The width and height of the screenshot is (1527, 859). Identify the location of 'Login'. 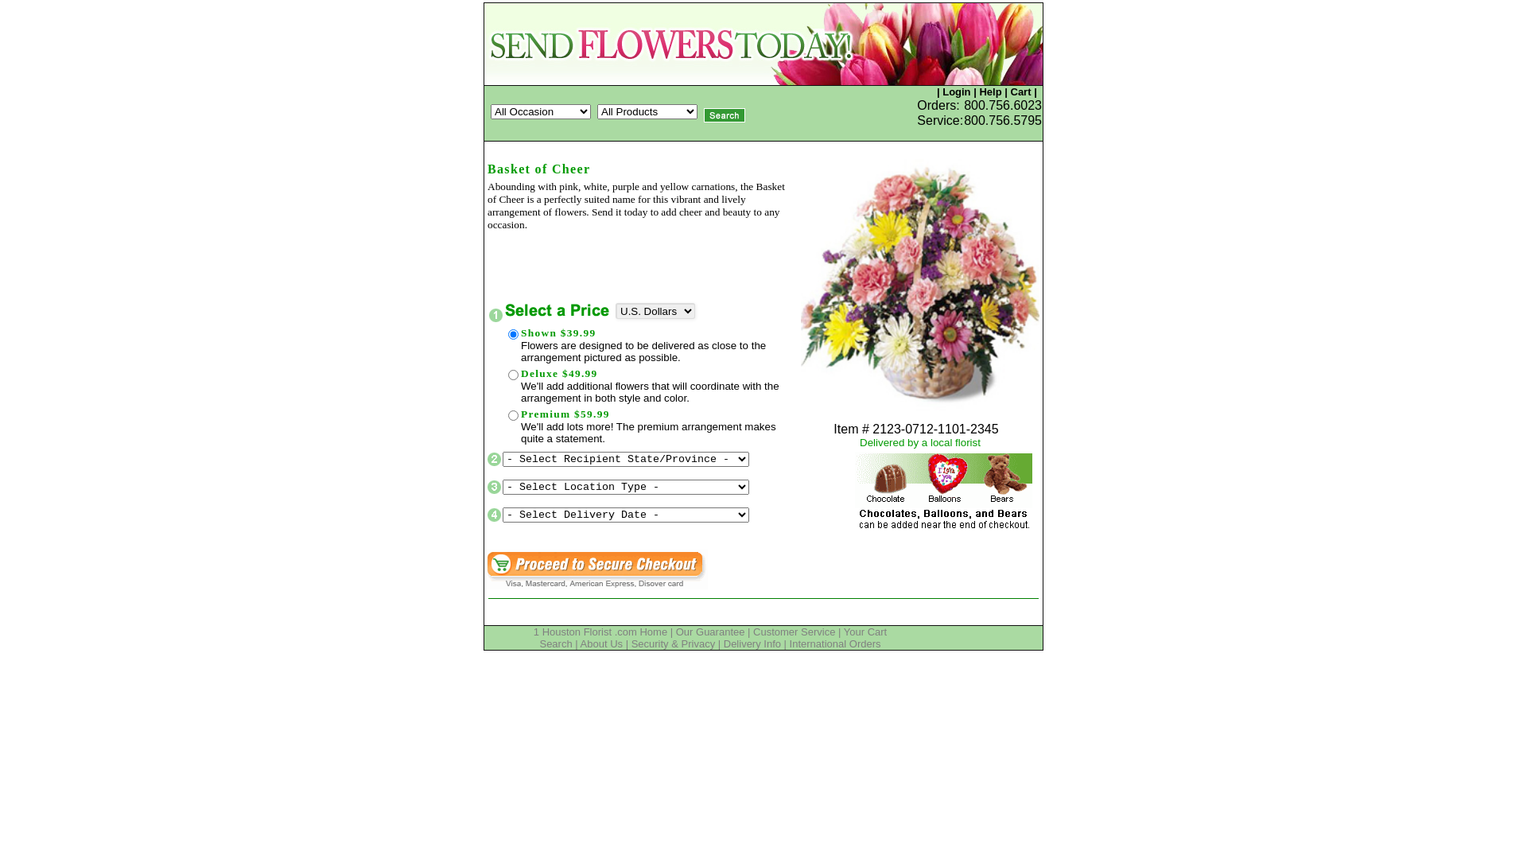
(955, 91).